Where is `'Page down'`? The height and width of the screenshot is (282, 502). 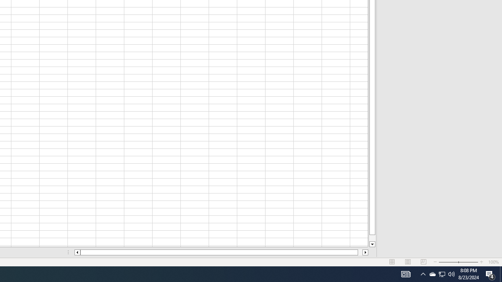
'Page down' is located at coordinates (372, 238).